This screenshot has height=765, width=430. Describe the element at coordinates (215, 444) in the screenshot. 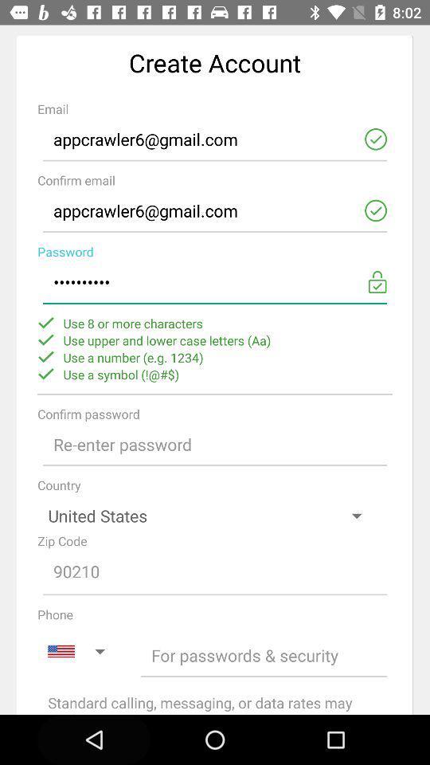

I see `confirm password` at that location.